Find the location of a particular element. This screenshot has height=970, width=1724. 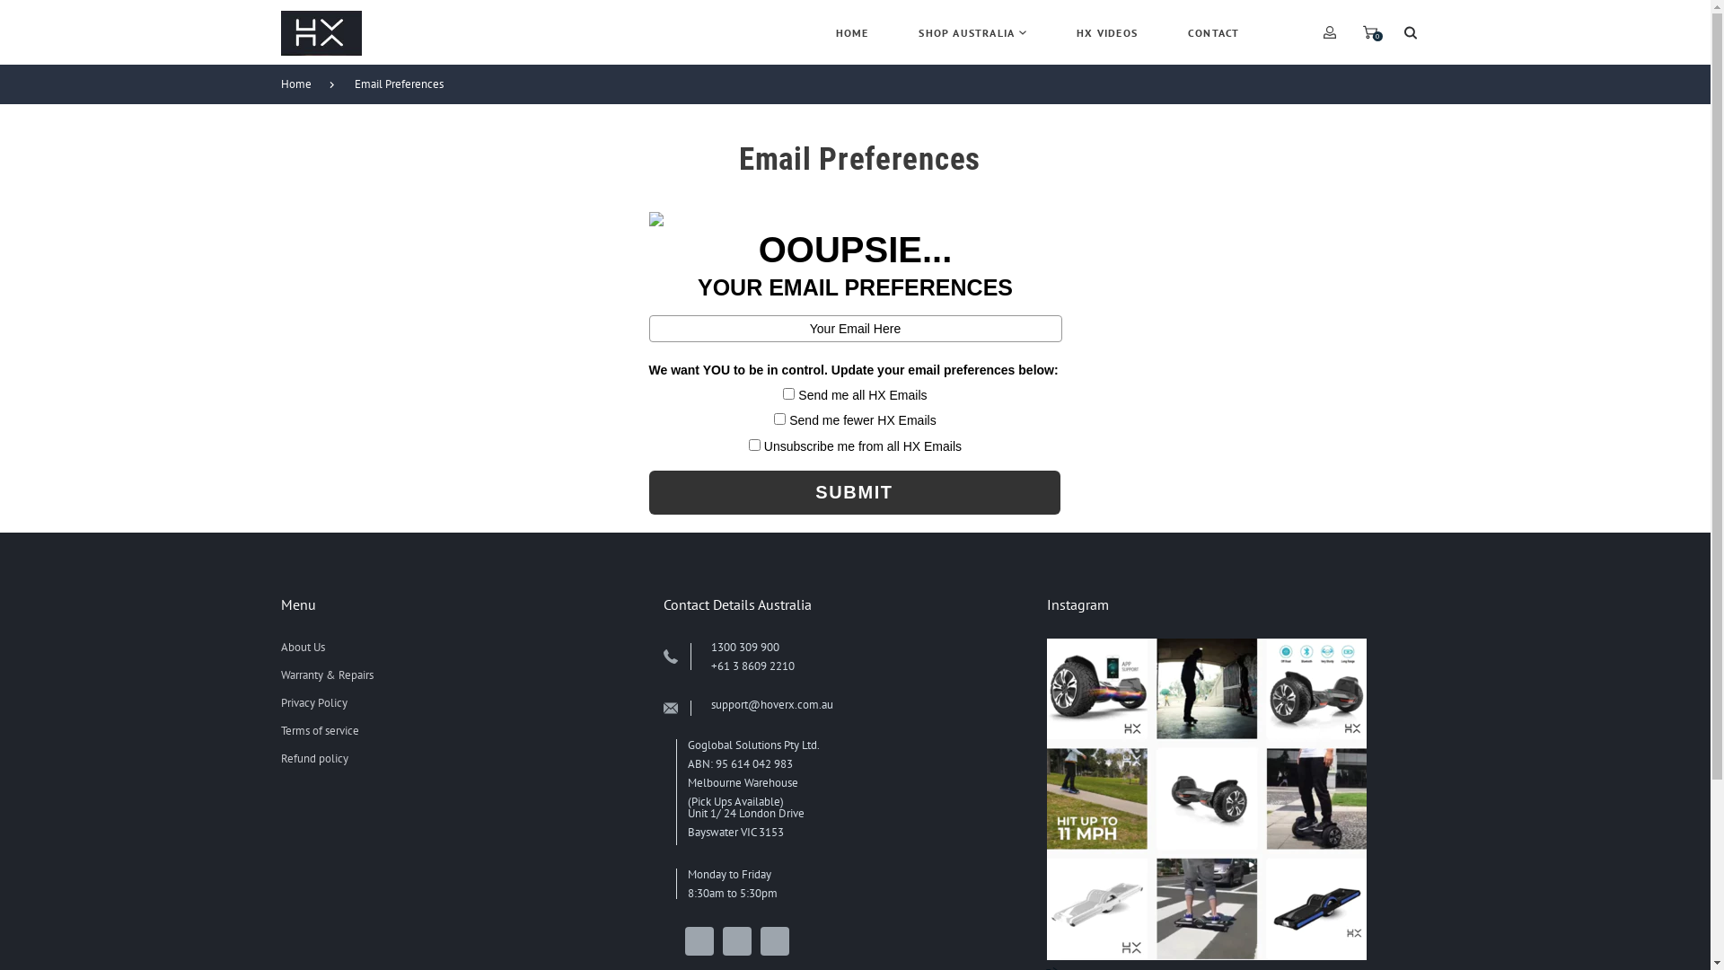

'Privacy Policy' is located at coordinates (313, 701).